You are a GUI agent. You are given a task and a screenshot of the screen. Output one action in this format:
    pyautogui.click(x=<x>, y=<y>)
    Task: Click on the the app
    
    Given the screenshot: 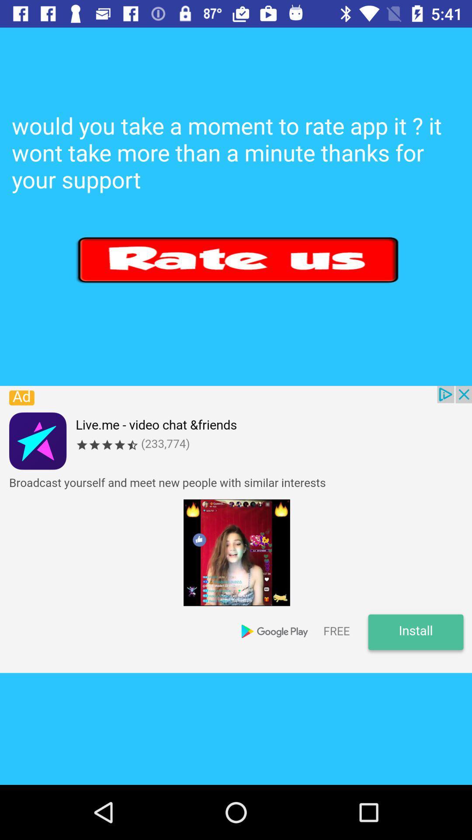 What is the action you would take?
    pyautogui.click(x=236, y=529)
    